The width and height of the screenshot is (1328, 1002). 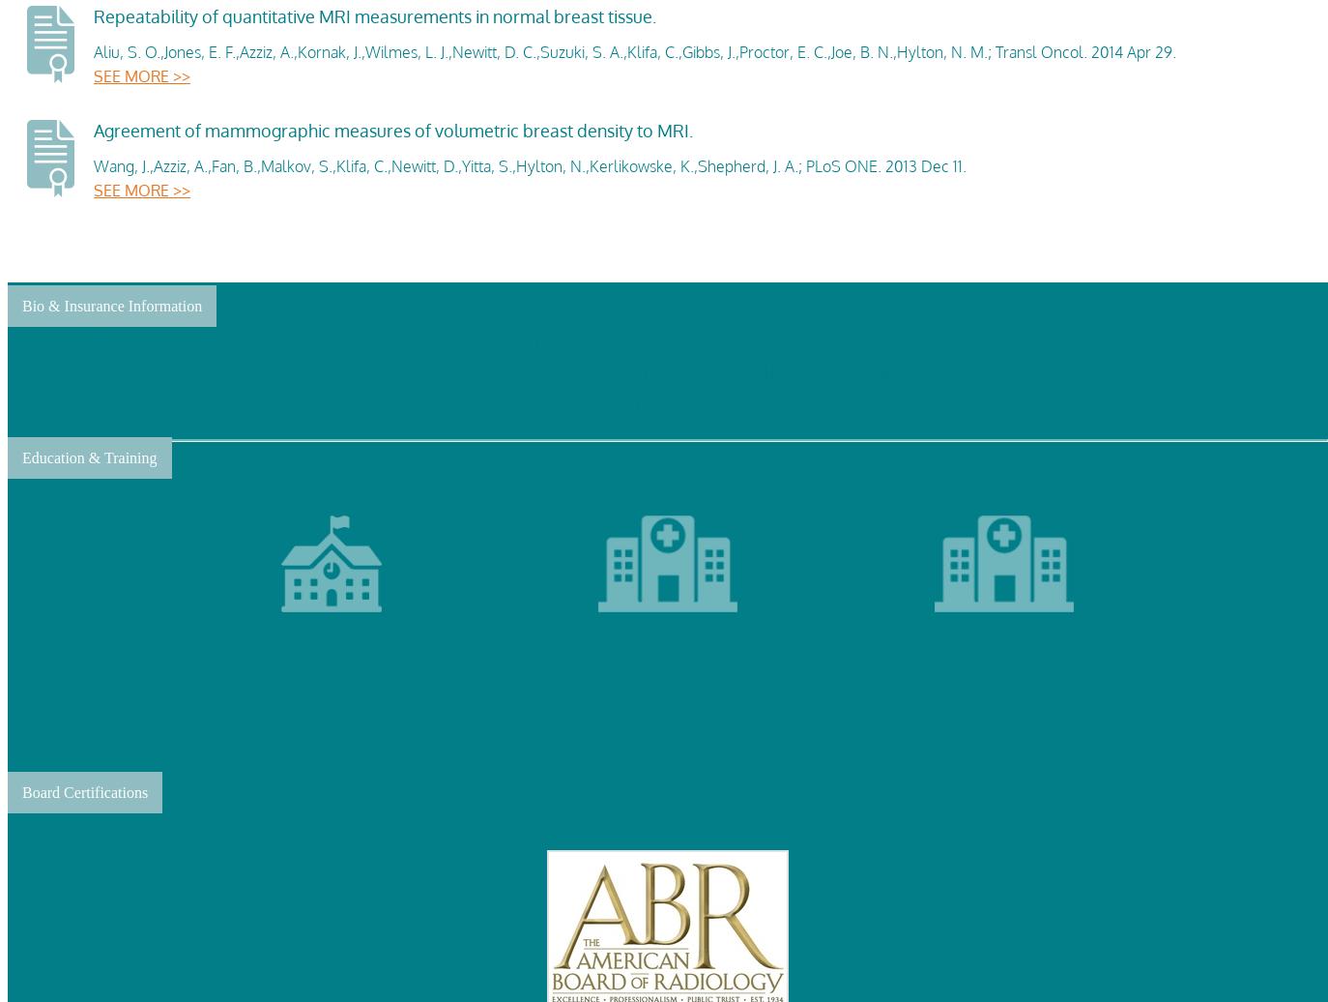 I want to click on 'Wang, J.,Azziz, A.,Fan, B.,Malkov, S.,Klifa, C.,Newitt, D.,Yitta, S.,Hylton, N.,Kerlikowske, K.,Shepherd, J. A.; PLoS ONE. 2013 Dec 11.', so click(x=530, y=165).